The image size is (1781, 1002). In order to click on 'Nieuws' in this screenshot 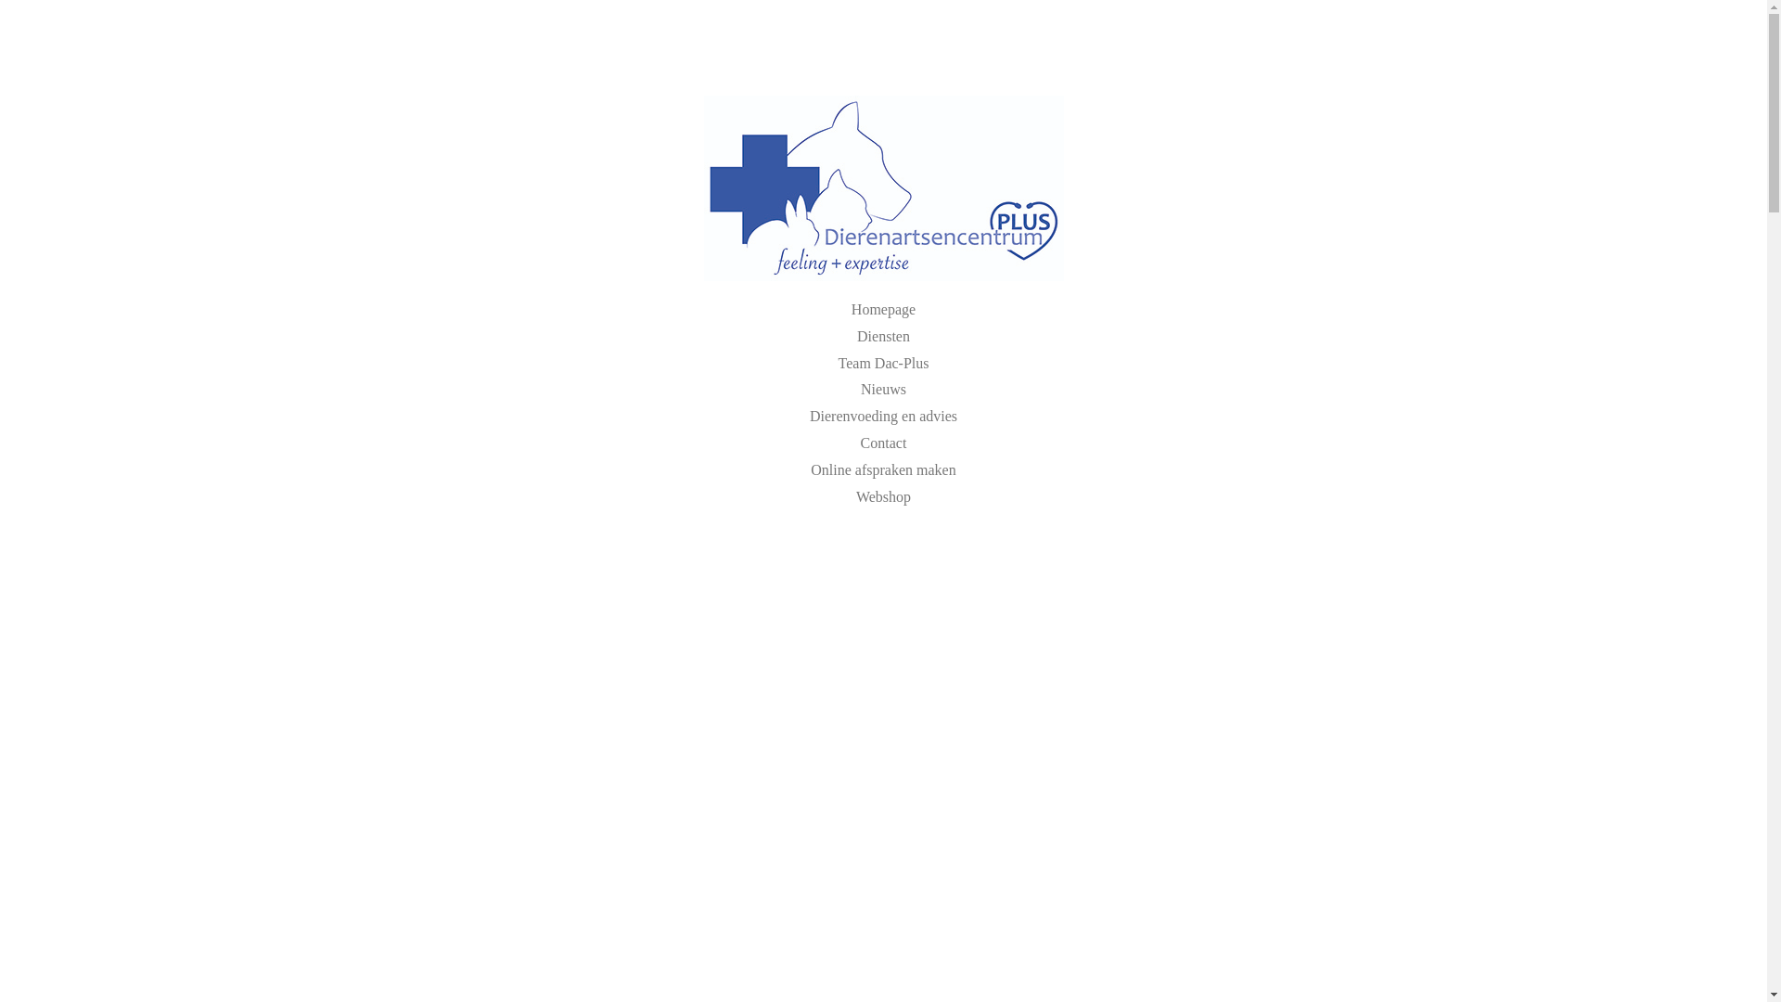, I will do `click(882, 388)`.